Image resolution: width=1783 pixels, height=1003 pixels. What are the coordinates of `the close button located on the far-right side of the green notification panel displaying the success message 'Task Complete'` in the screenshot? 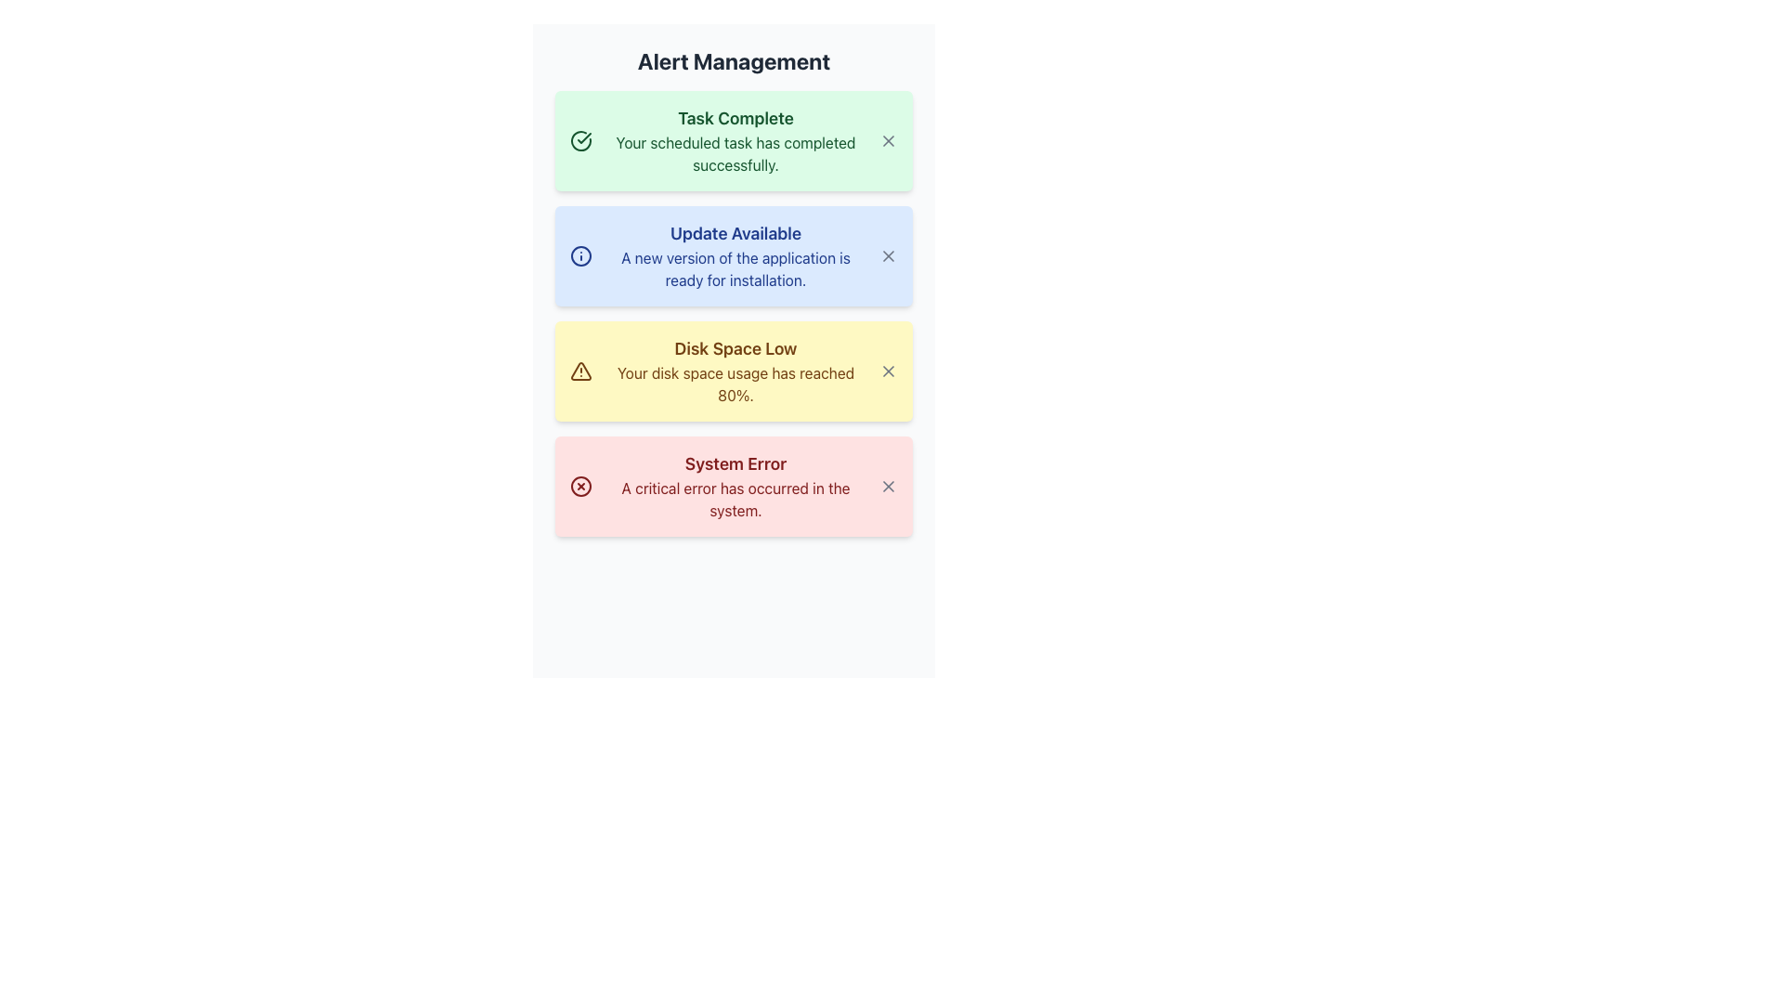 It's located at (887, 139).